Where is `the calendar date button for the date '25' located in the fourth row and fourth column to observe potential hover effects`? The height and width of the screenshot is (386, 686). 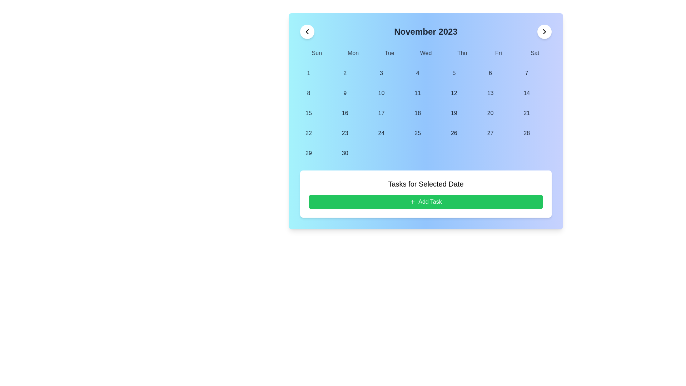
the calendar date button for the date '25' located in the fourth row and fourth column to observe potential hover effects is located at coordinates (418, 133).